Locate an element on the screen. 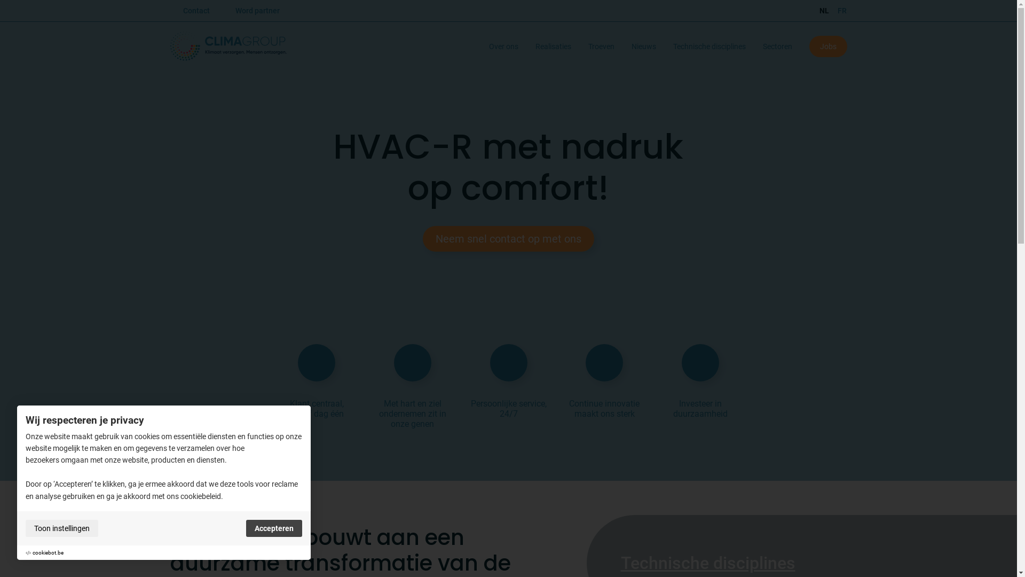  'Realisaties' is located at coordinates (535, 46).